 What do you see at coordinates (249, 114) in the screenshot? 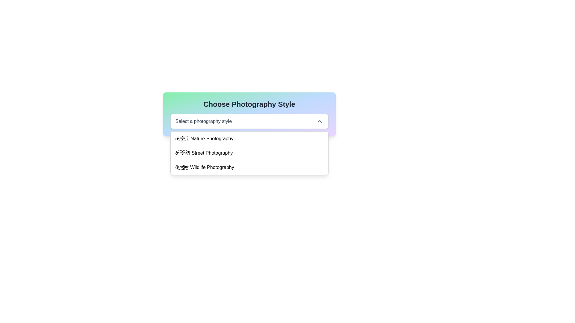
I see `the dropdown menu titled 'Choose Photography Style'` at bounding box center [249, 114].